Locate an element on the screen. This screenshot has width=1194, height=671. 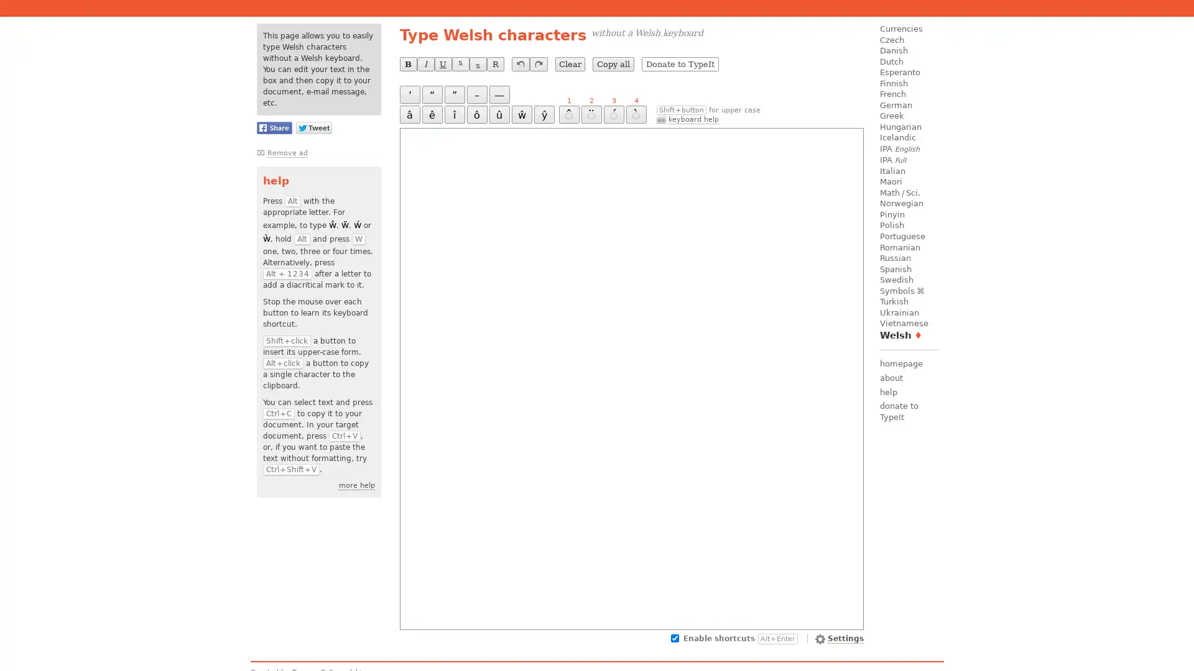
R is located at coordinates (494, 64).